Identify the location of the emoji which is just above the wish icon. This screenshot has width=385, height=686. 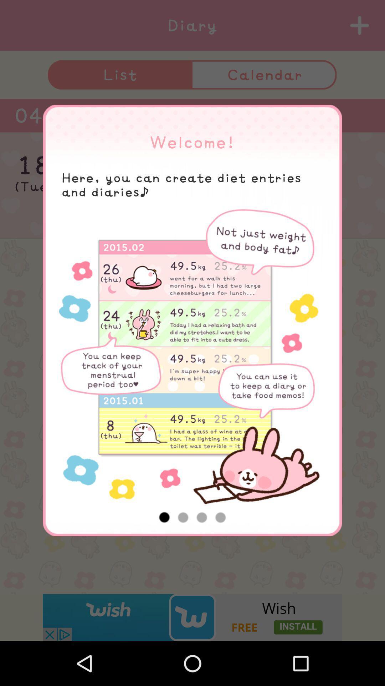
(192, 576).